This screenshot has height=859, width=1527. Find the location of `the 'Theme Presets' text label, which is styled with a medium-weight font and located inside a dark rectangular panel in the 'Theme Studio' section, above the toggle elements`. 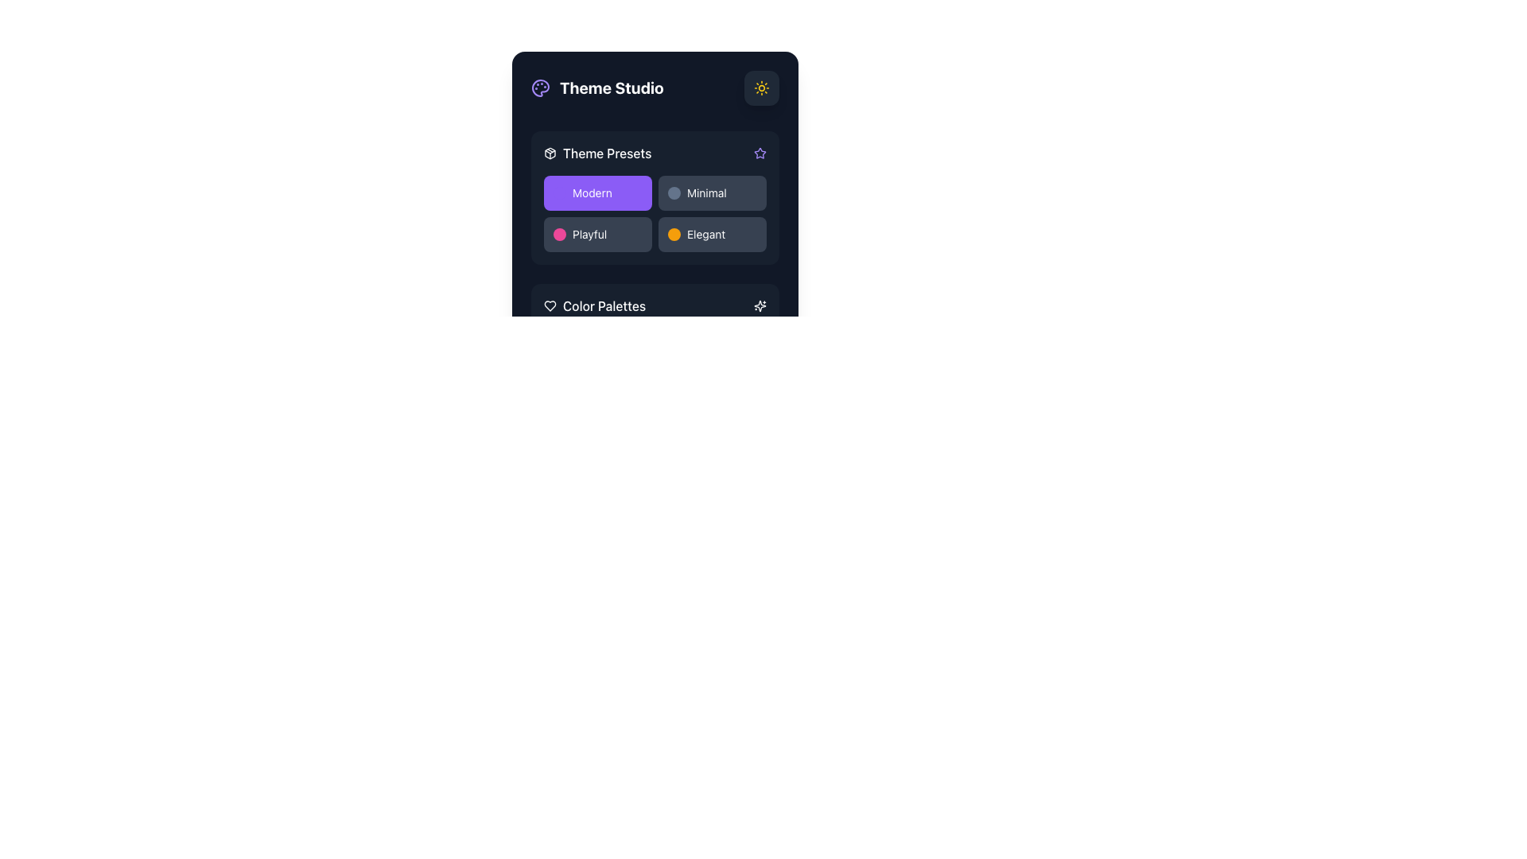

the 'Theme Presets' text label, which is styled with a medium-weight font and located inside a dark rectangular panel in the 'Theme Studio' section, above the toggle elements is located at coordinates (606, 153).